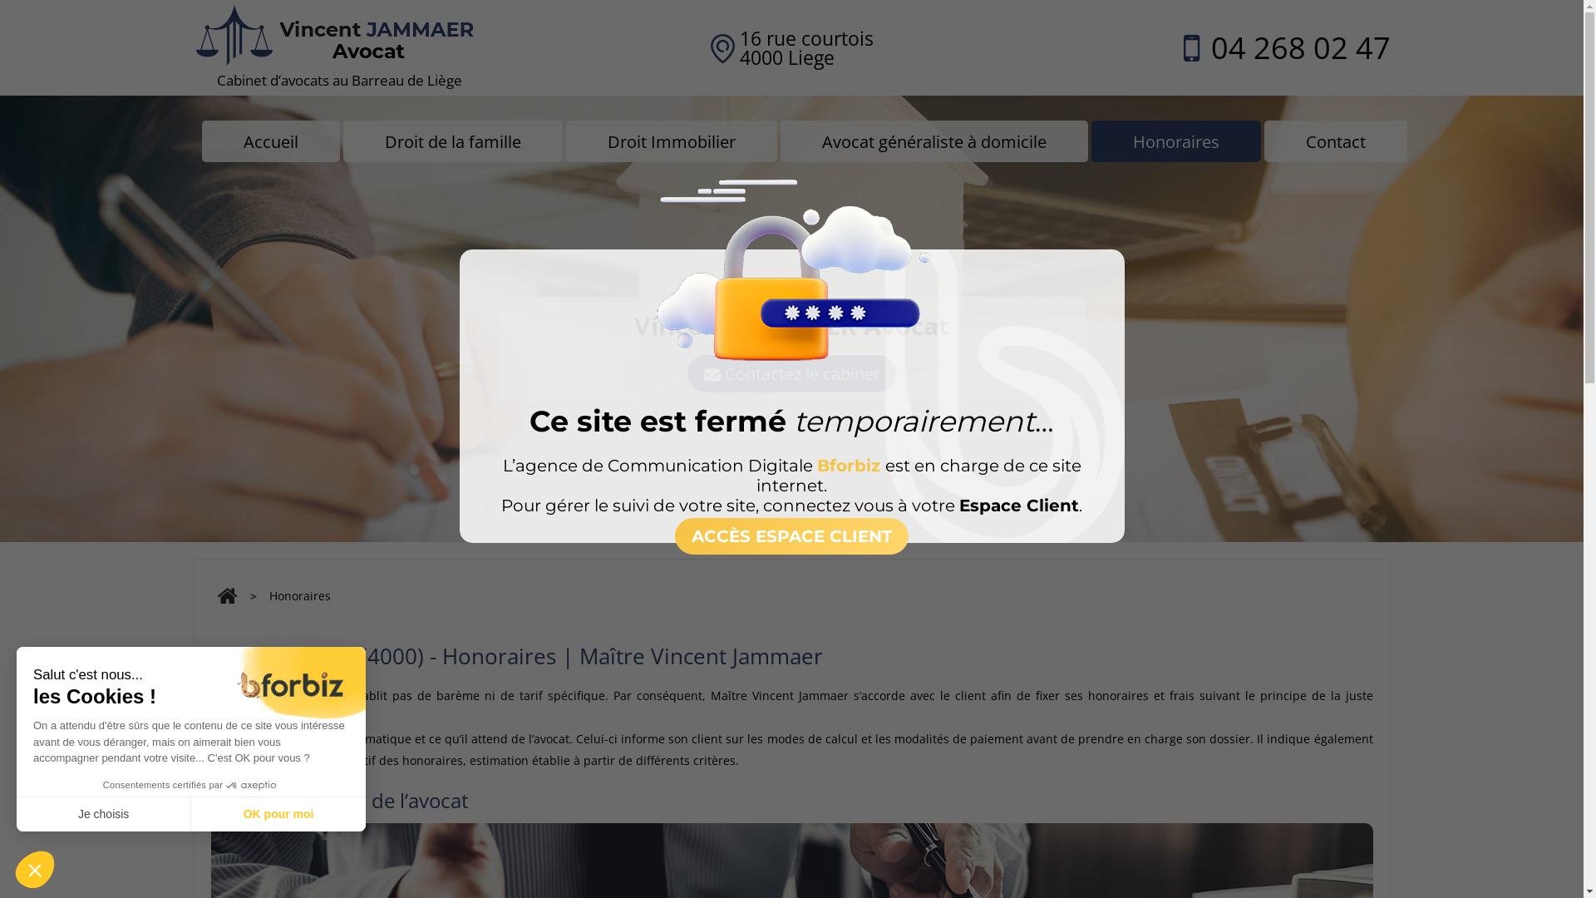  What do you see at coordinates (1335, 140) in the screenshot?
I see `'Contact'` at bounding box center [1335, 140].